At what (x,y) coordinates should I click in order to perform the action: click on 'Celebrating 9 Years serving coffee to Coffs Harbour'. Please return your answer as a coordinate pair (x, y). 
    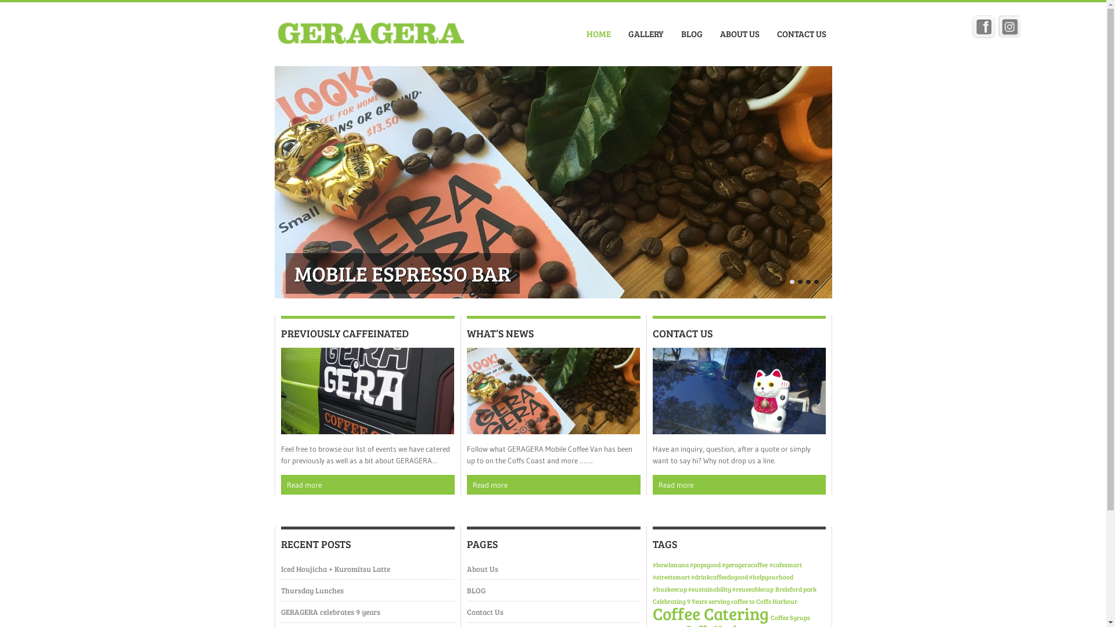
    Looking at the image, I should click on (724, 601).